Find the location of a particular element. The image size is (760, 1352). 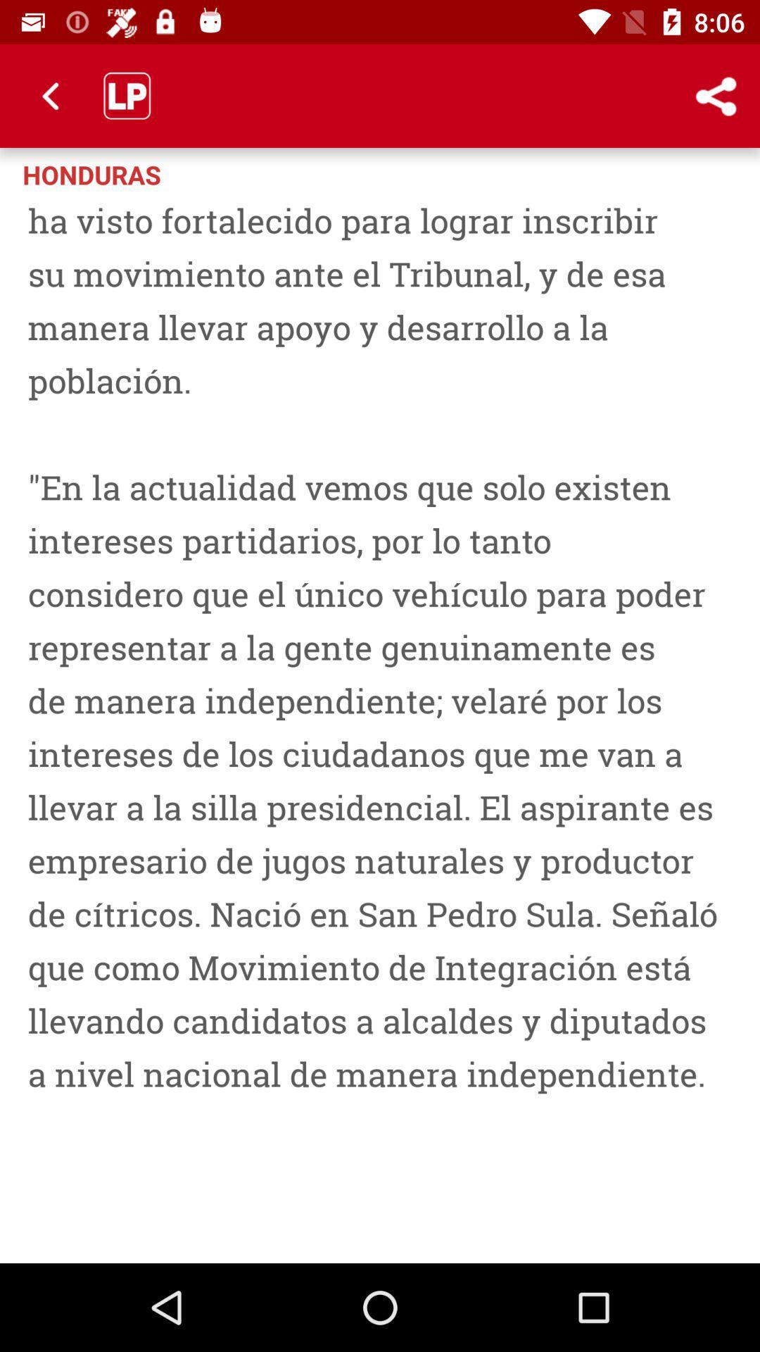

san pedro sula is located at coordinates (380, 723).